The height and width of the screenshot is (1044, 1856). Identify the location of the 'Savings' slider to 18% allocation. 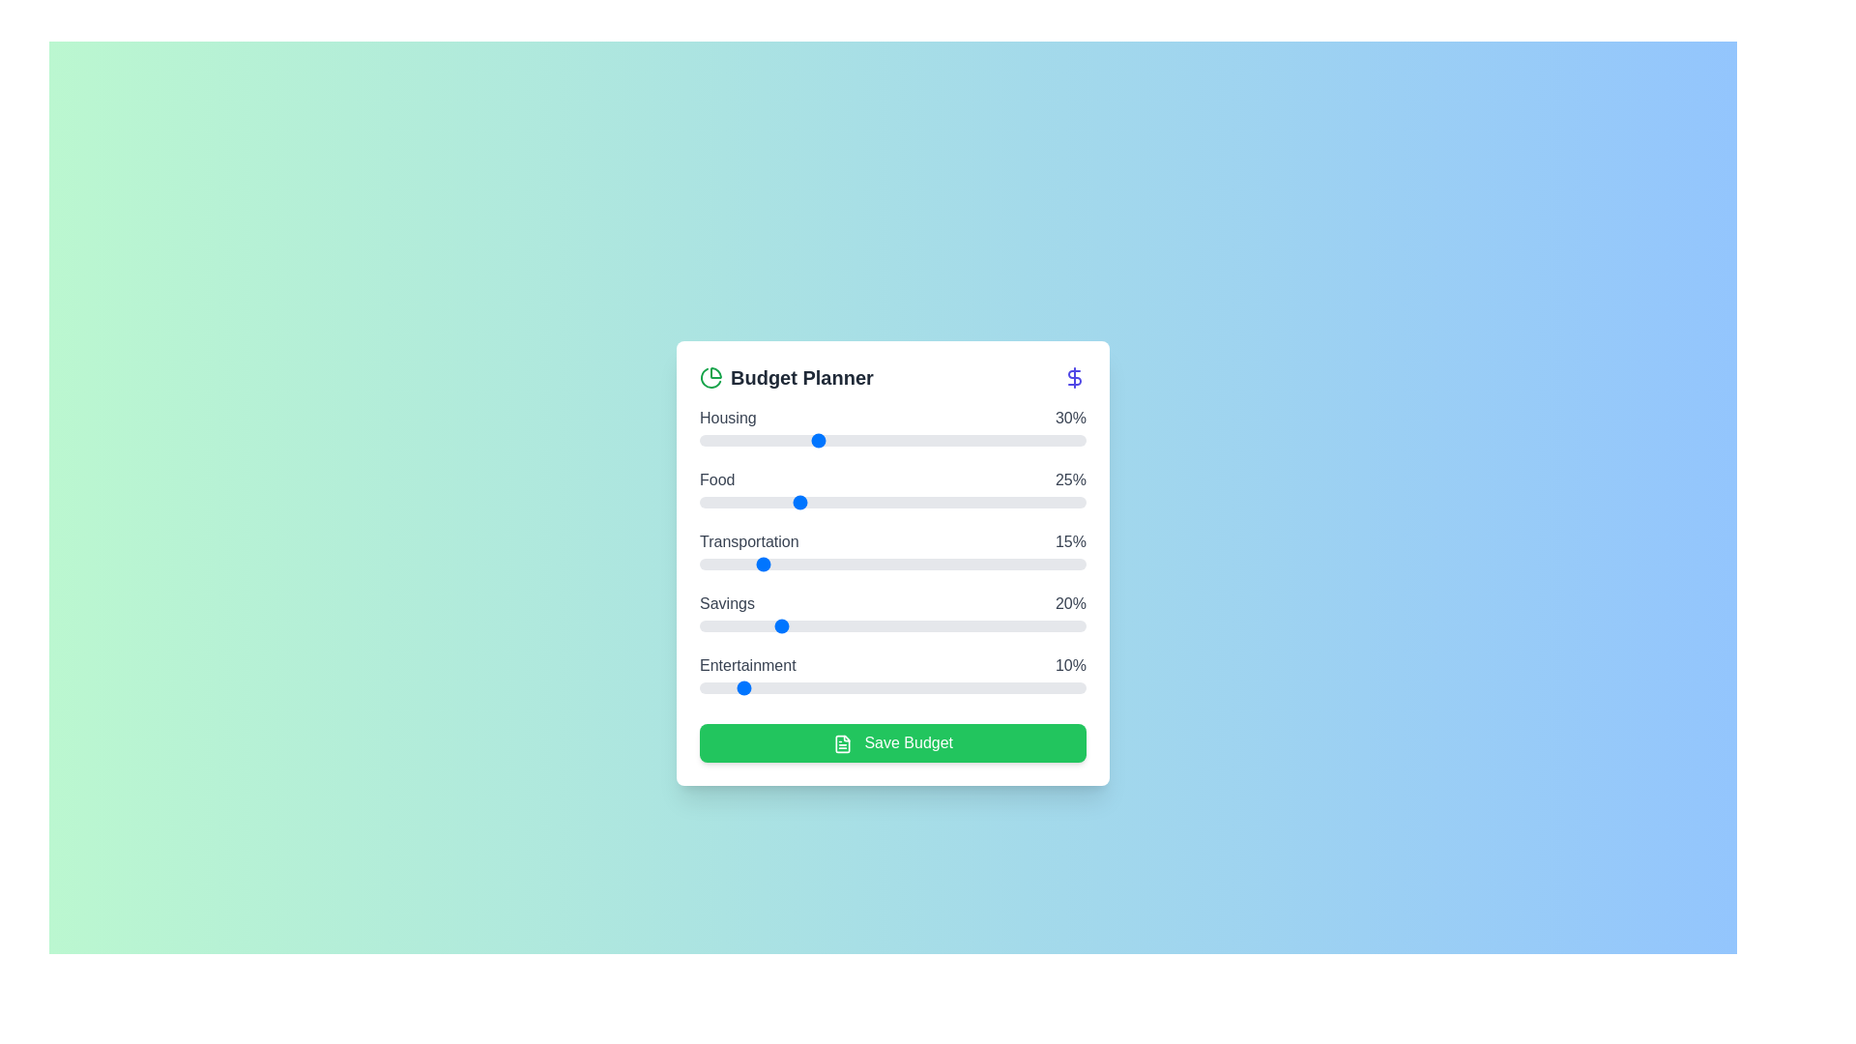
(768, 626).